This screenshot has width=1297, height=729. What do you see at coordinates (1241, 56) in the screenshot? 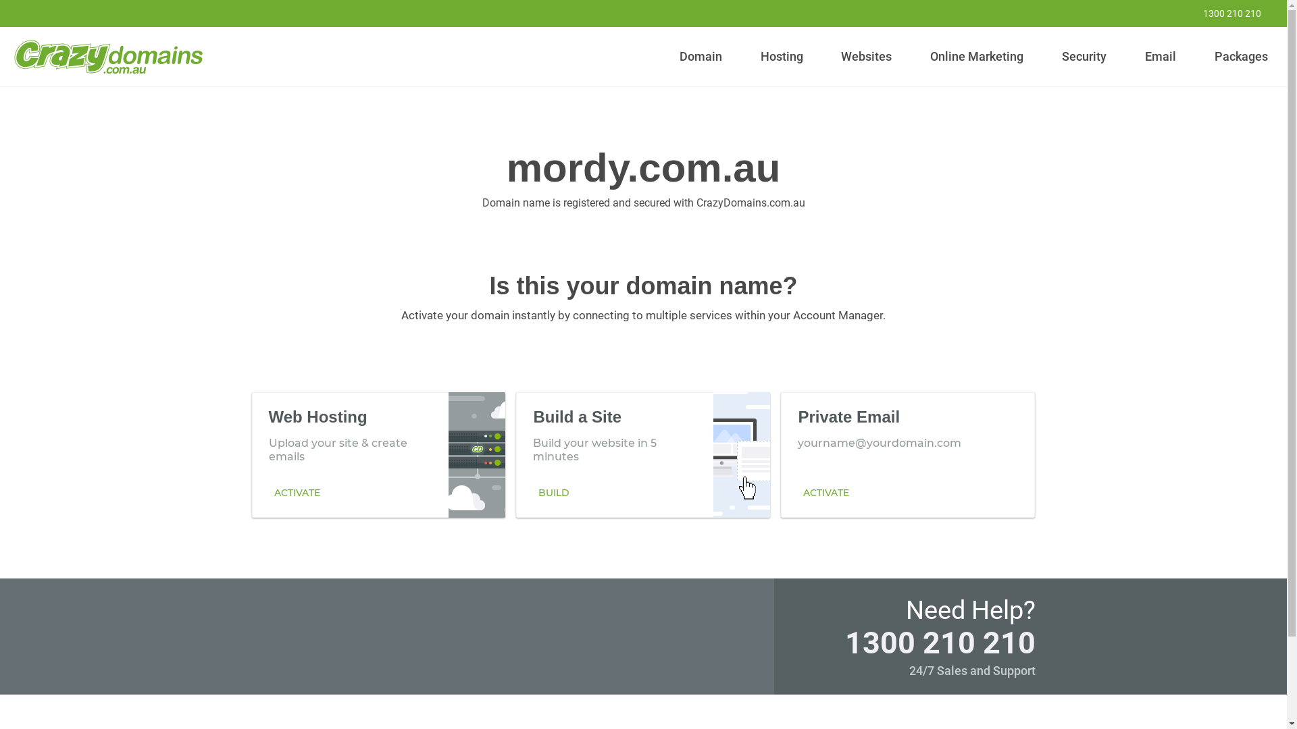
I see `'Packages'` at bounding box center [1241, 56].